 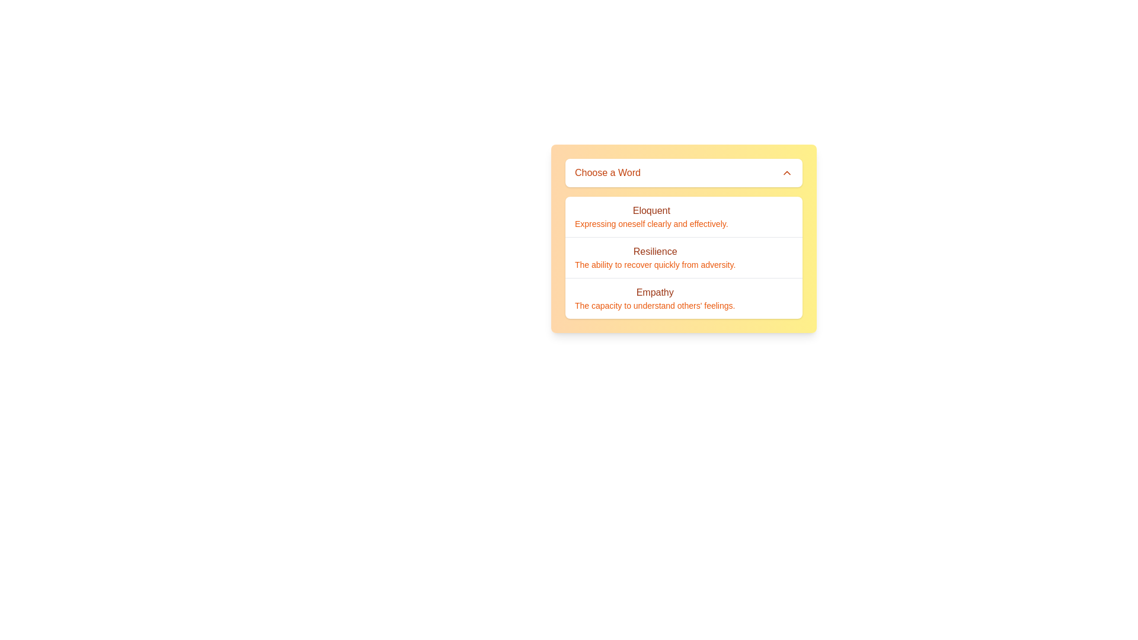 What do you see at coordinates (651, 217) in the screenshot?
I see `the first text item in the dropdown list titled 'Eloquent', which expresses the description 'Expressing oneself clearly and effectively.'` at bounding box center [651, 217].